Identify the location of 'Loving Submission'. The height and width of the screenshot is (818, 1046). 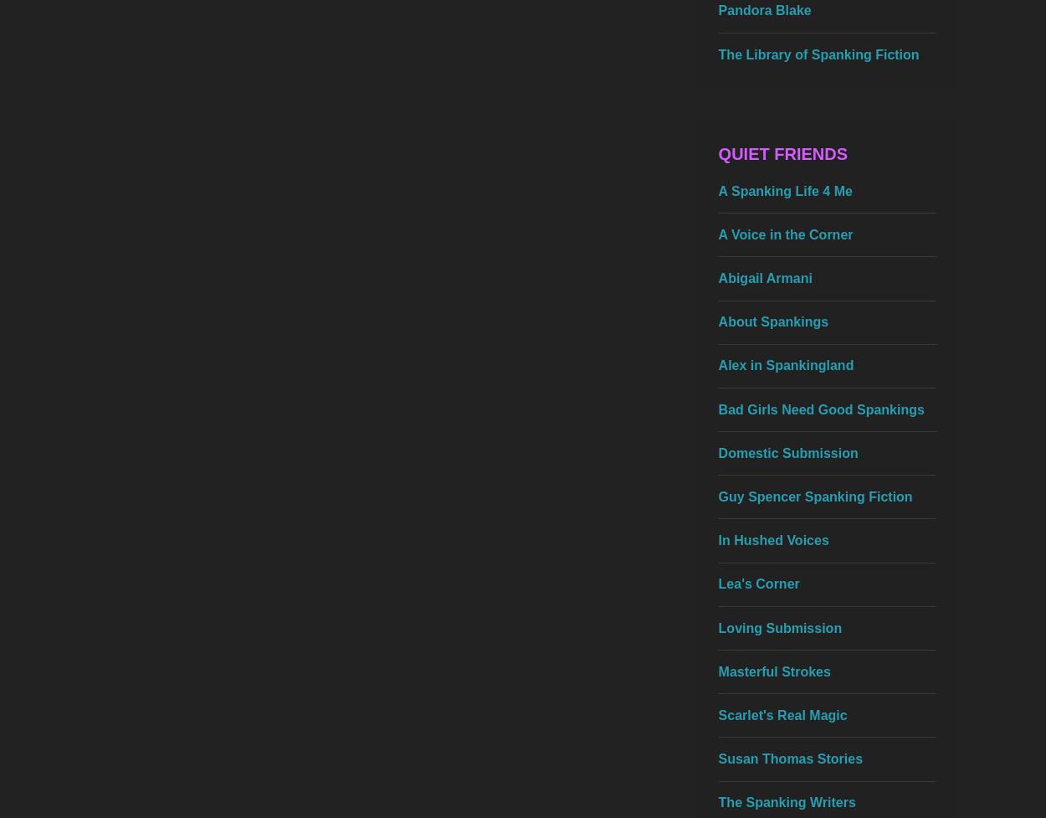
(780, 627).